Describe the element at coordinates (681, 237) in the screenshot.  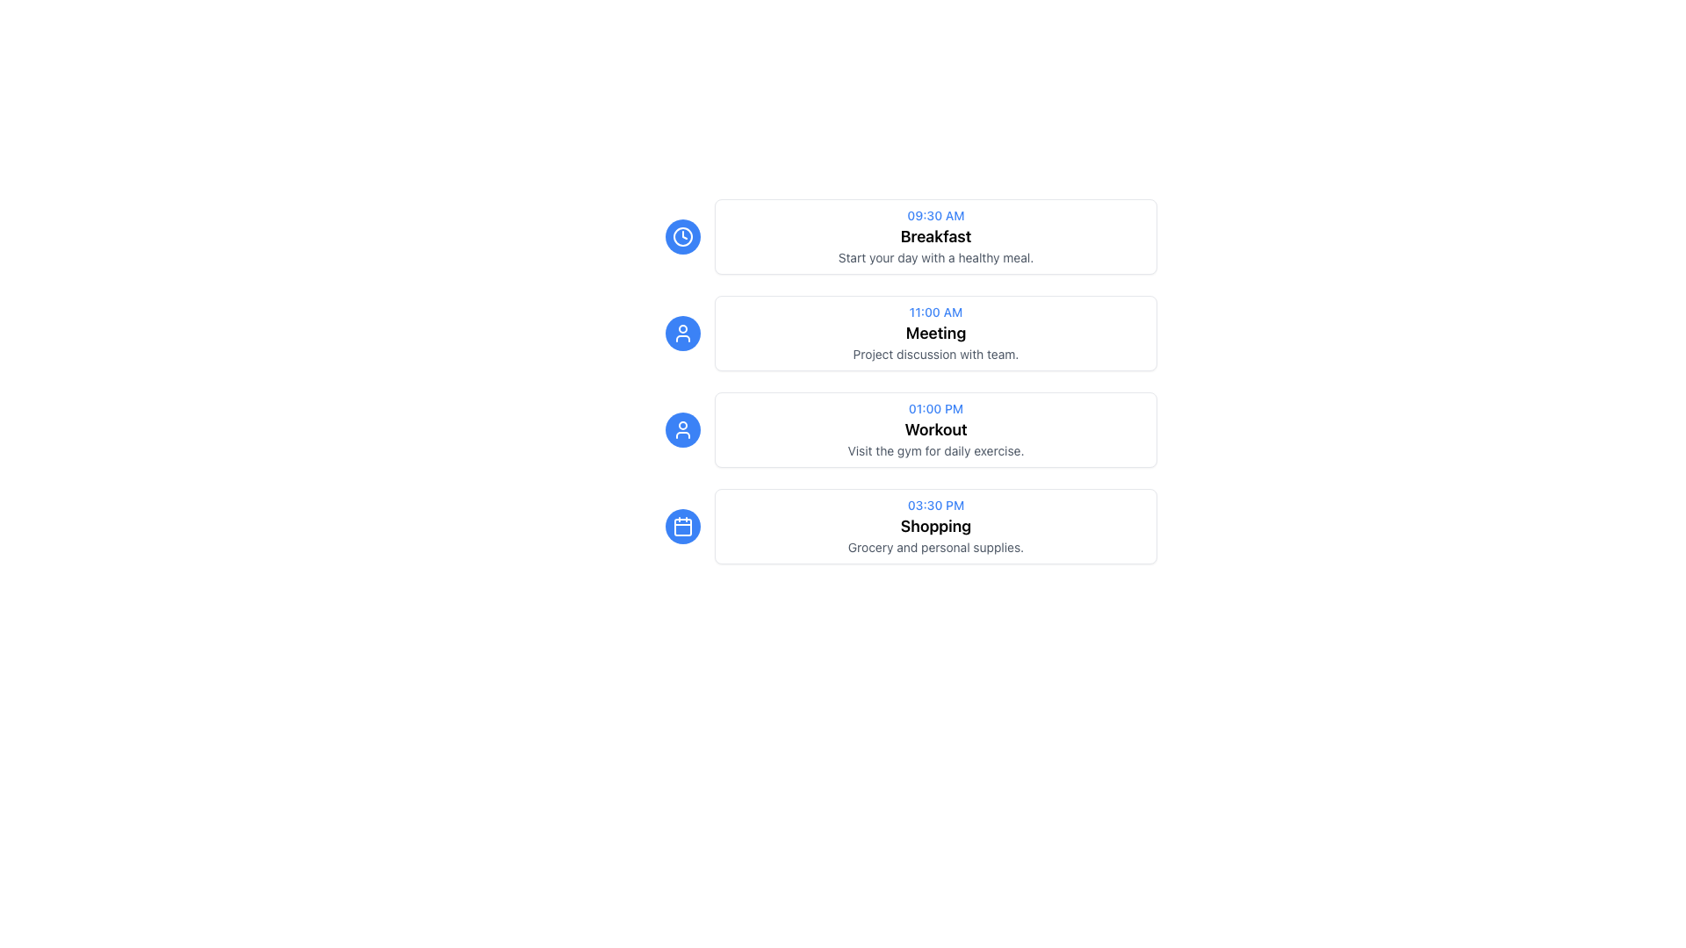
I see `the blue circular clock icon, which is the first icon on the left in a vertical series of icons representing scheduling events` at that location.